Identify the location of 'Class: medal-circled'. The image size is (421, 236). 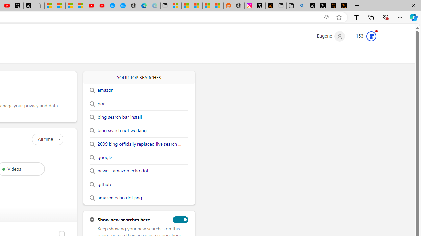
(371, 36).